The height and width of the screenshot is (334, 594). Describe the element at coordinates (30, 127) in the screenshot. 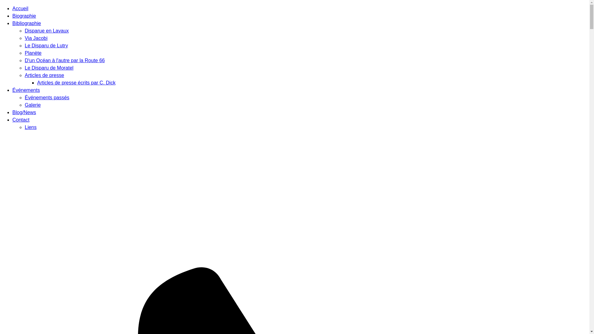

I see `'Liens'` at that location.